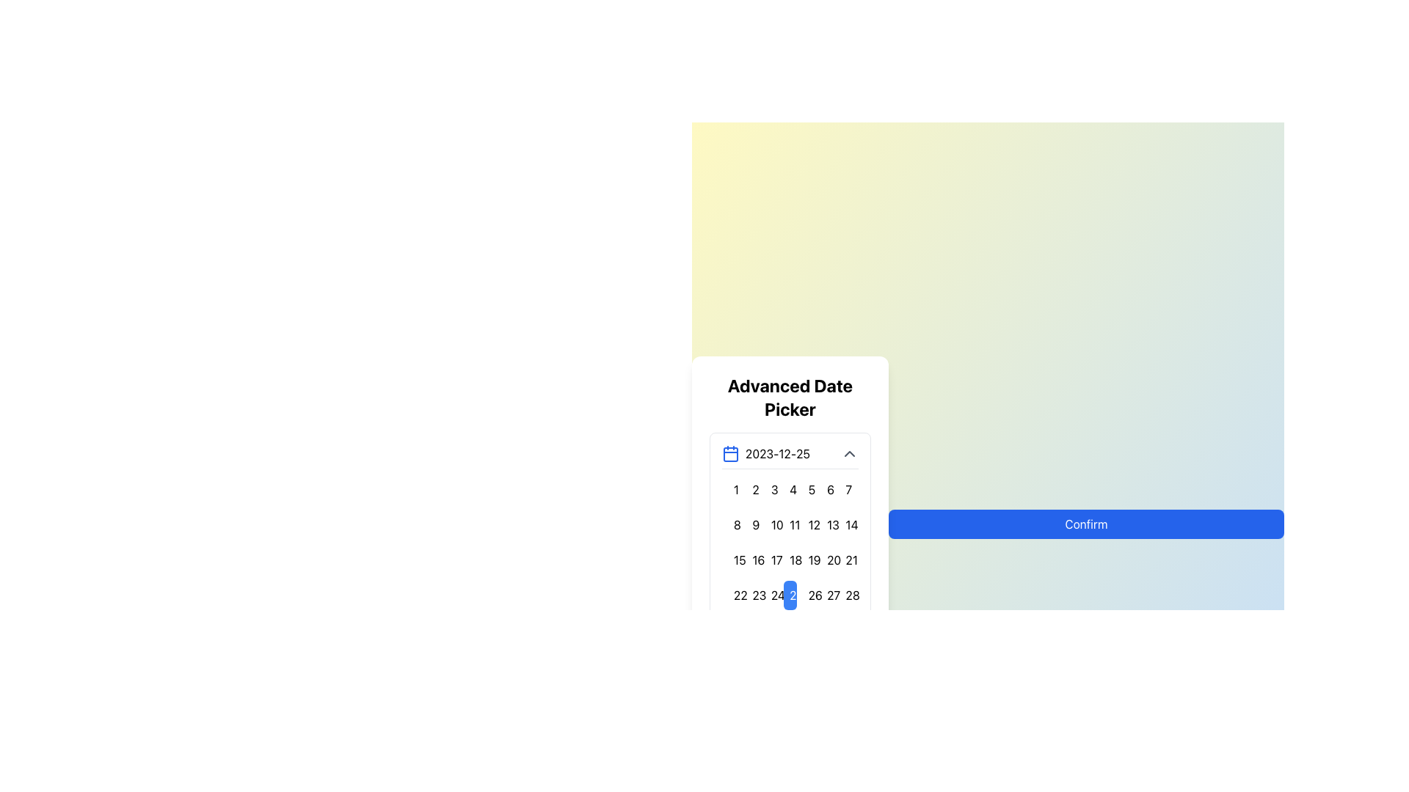  I want to click on the rounded rectangular button displaying the number '7', so click(846, 489).